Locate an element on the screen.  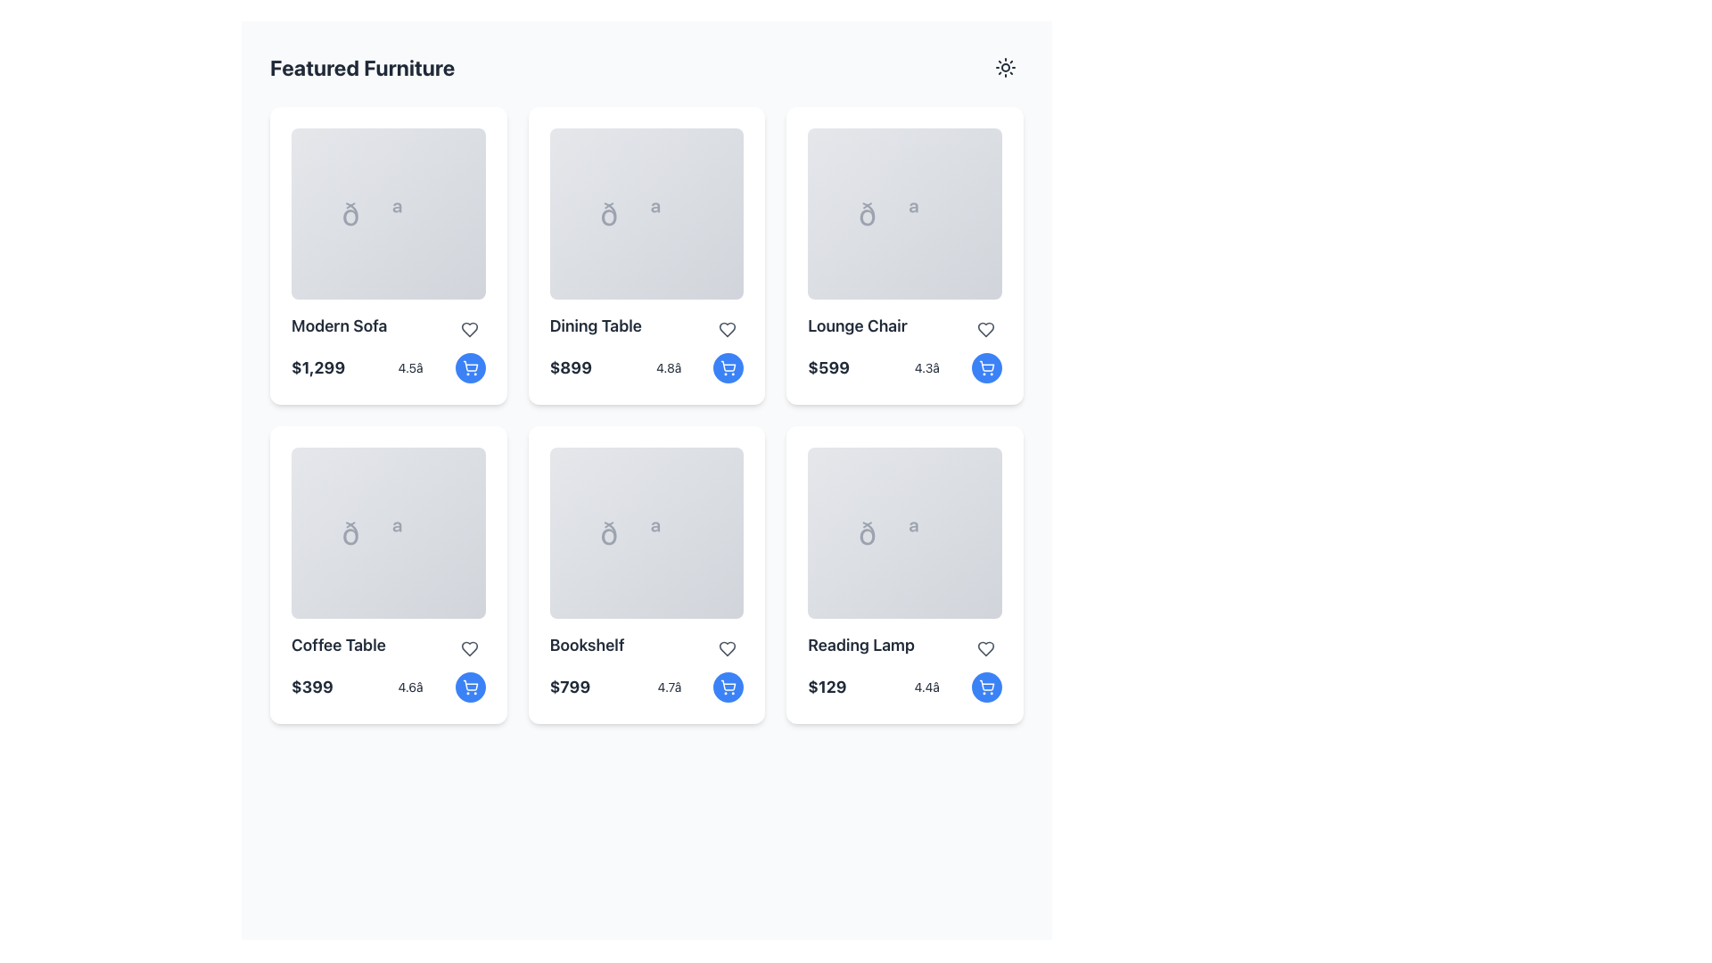
the 'Add to Cart' button located in the bottom-right corner of the card for the 'Reading Lamp' product is located at coordinates (986, 687).